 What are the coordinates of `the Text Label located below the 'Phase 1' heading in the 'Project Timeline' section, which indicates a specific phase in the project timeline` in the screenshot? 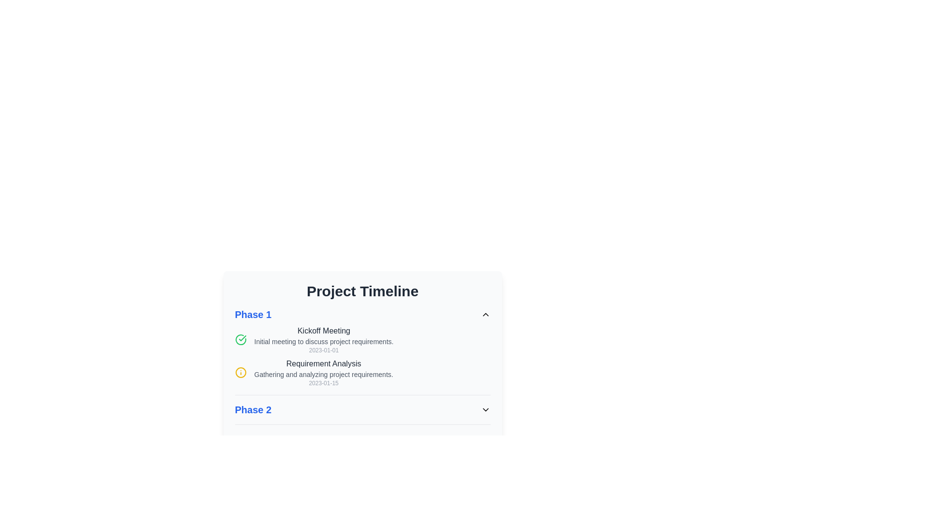 It's located at (253, 410).